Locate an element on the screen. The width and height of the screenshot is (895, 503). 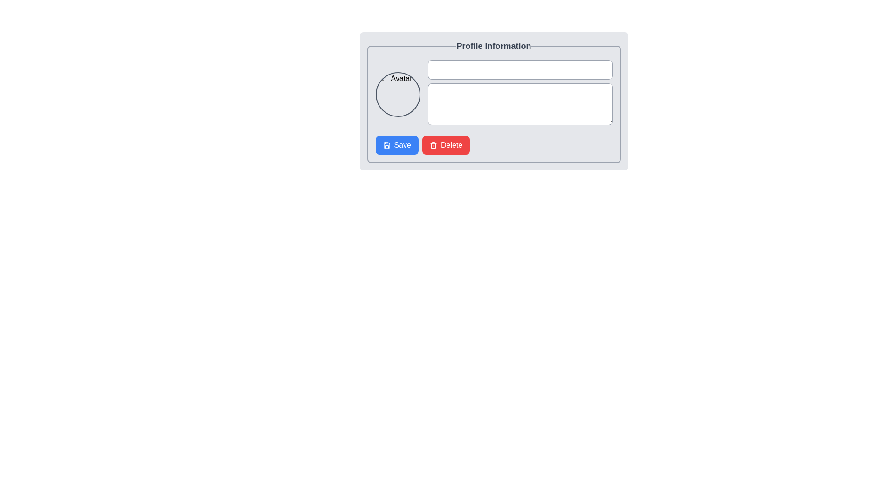
the delete icon located centrally within the red 'Delete' button is located at coordinates (433, 145).